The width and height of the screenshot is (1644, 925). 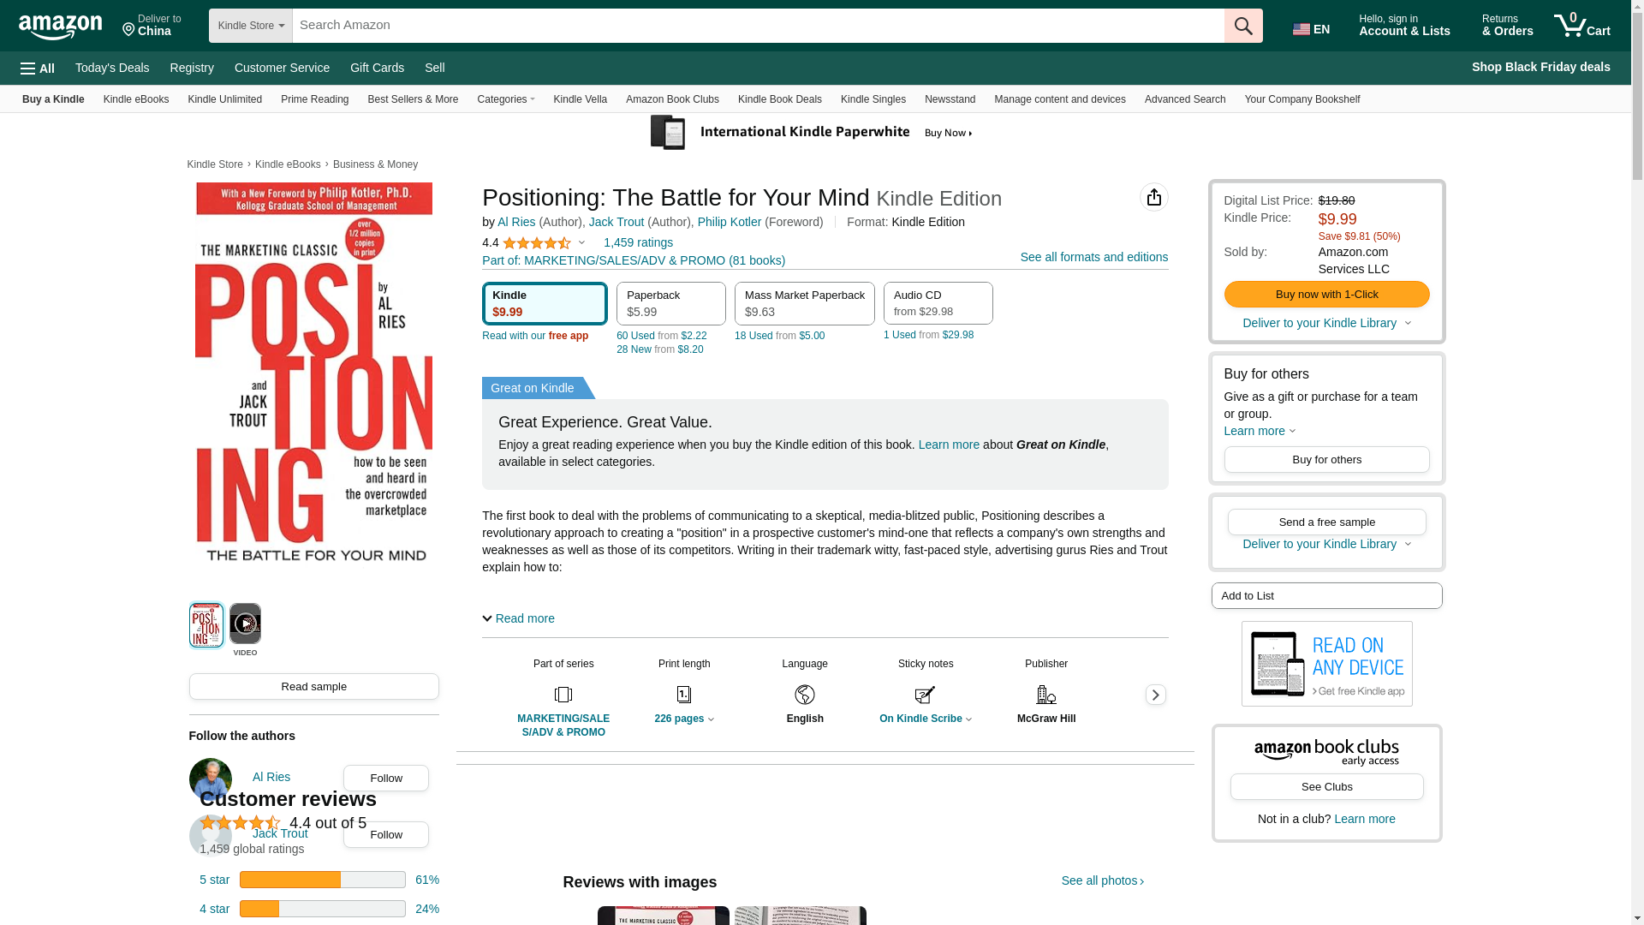 What do you see at coordinates (1313, 26) in the screenshot?
I see `'EN'` at bounding box center [1313, 26].